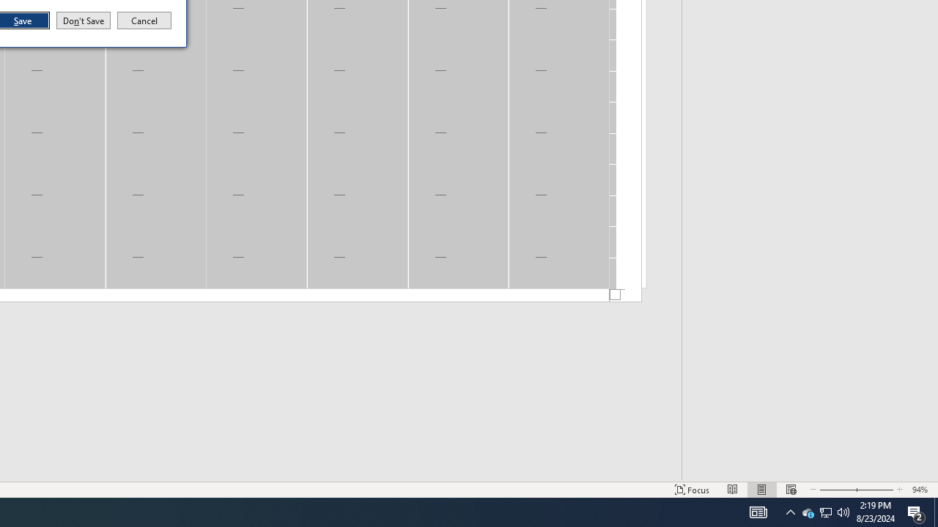  I want to click on 'AutomationID: 4105', so click(758, 511).